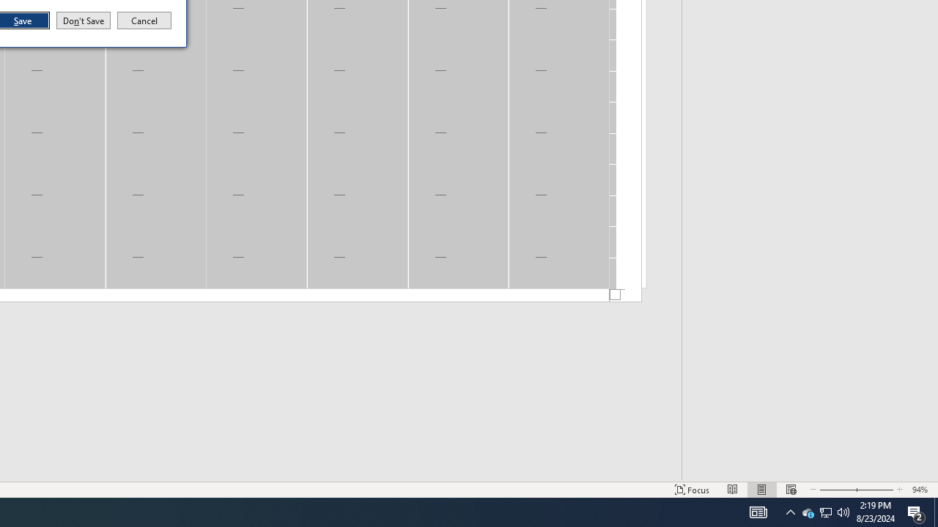  I want to click on 'AutomationID: 4105', so click(758, 511).